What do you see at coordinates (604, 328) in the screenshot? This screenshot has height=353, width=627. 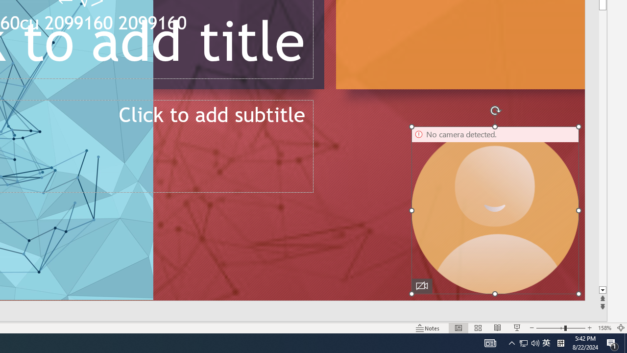 I see `'Zoom 158%'` at bounding box center [604, 328].